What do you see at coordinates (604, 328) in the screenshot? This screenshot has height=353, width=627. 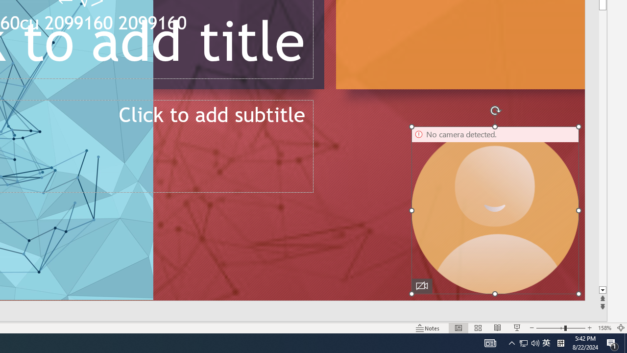 I see `'Zoom 158%'` at bounding box center [604, 328].